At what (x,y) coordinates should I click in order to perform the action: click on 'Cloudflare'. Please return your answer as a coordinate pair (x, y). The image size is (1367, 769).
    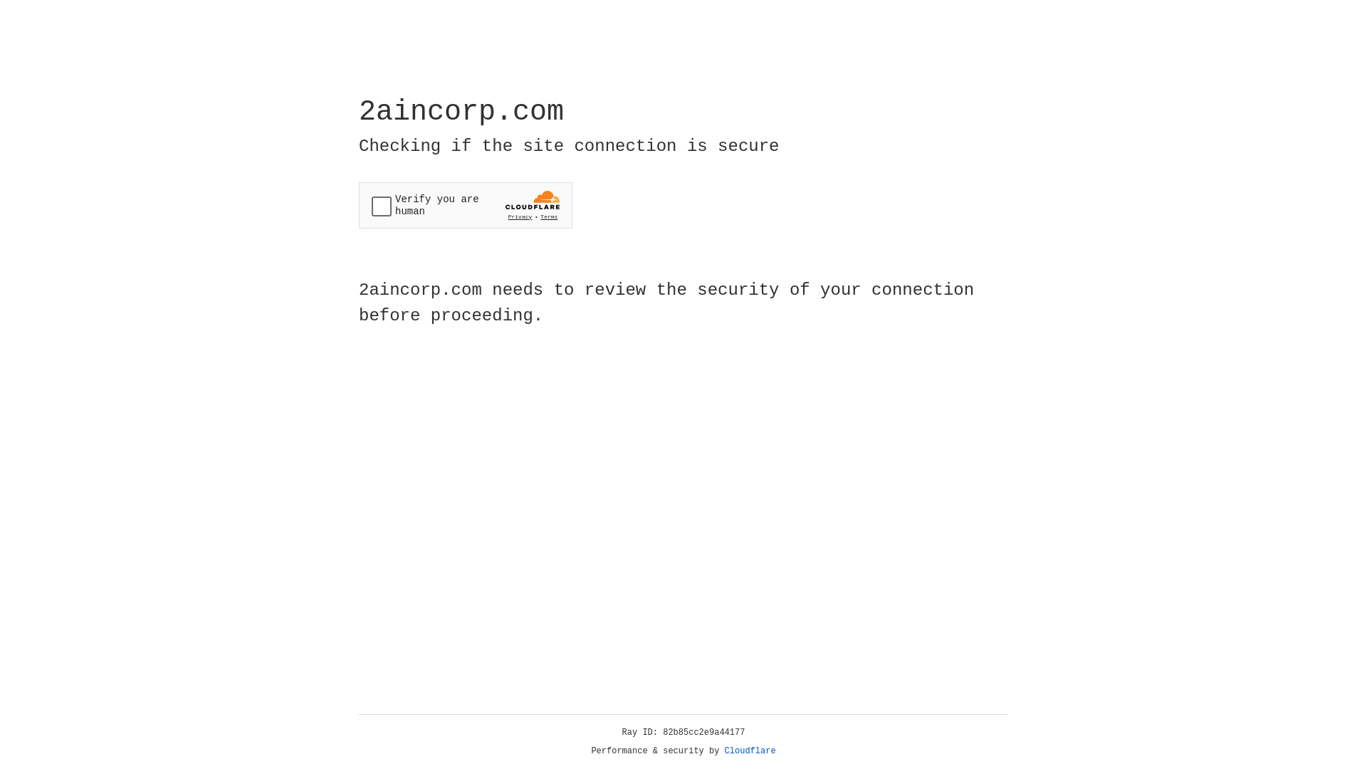
    Looking at the image, I should click on (750, 750).